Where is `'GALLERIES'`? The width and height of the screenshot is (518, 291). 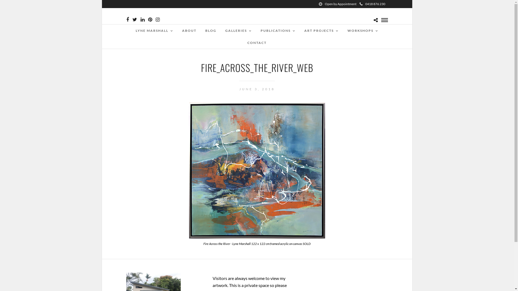 'GALLERIES' is located at coordinates (238, 30).